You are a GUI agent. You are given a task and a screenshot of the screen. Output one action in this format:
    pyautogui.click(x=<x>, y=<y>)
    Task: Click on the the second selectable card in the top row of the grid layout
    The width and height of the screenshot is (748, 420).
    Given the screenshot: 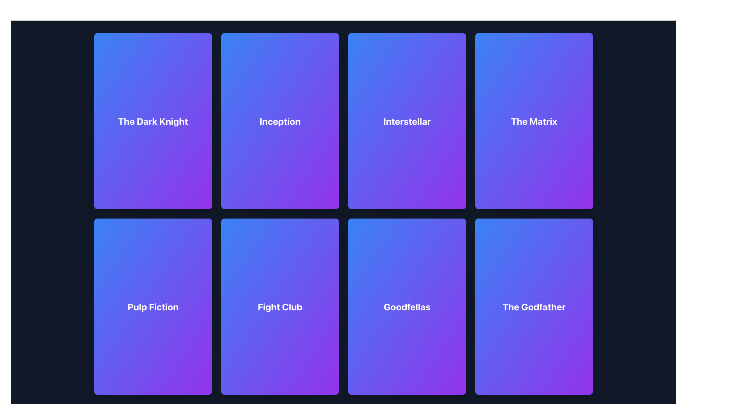 What is the action you would take?
    pyautogui.click(x=280, y=121)
    